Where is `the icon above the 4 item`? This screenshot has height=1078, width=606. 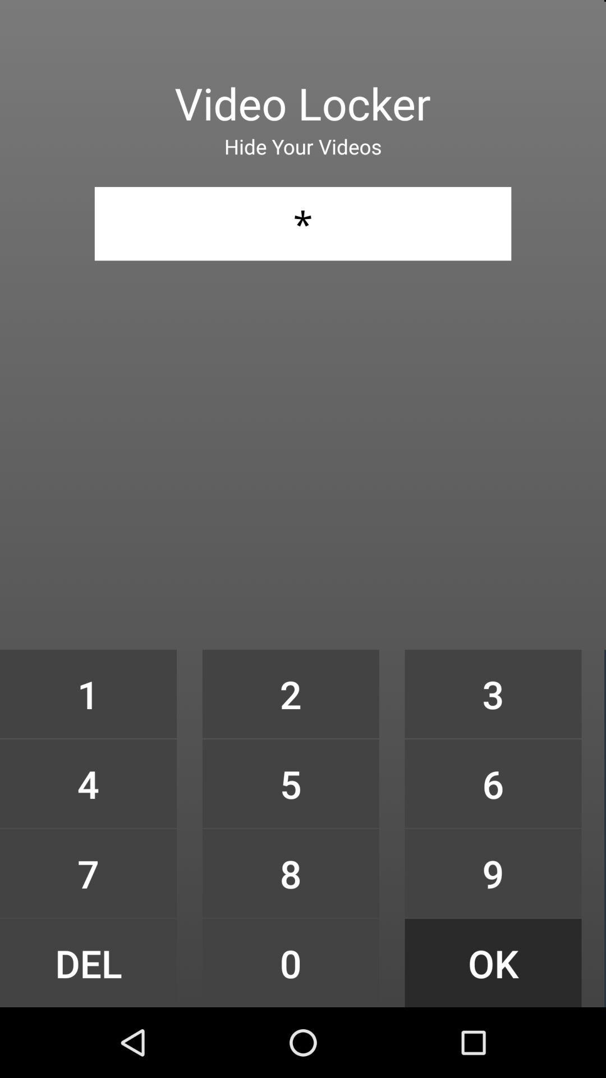 the icon above the 4 item is located at coordinates (88, 693).